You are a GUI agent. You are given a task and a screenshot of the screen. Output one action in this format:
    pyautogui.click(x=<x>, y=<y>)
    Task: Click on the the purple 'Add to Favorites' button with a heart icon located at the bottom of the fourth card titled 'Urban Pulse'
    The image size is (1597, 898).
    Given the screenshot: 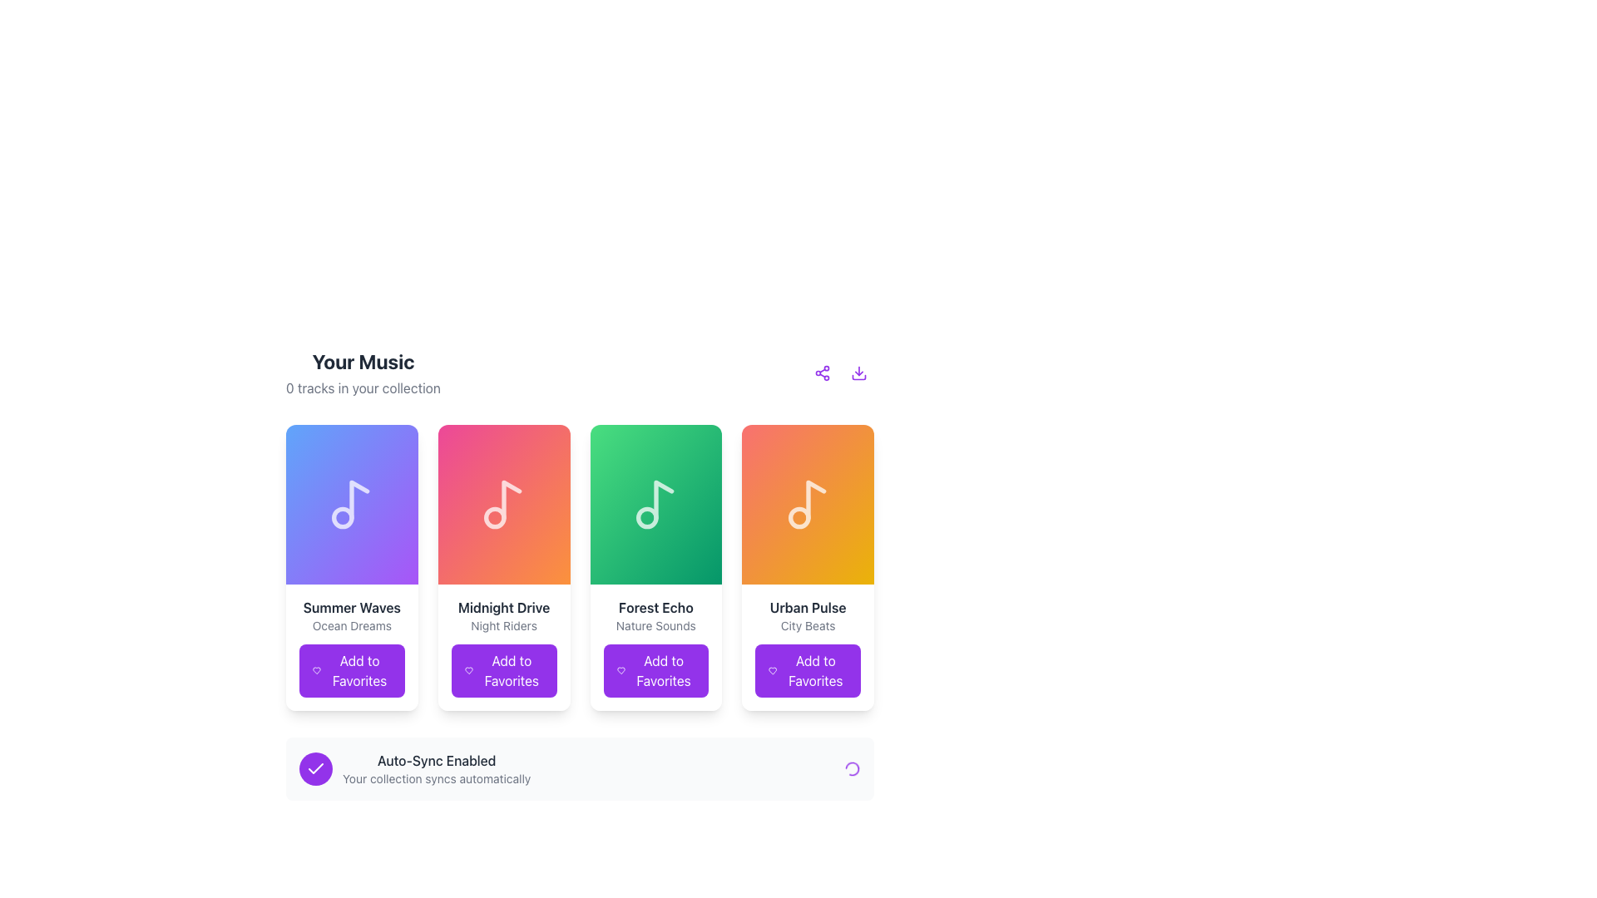 What is the action you would take?
    pyautogui.click(x=808, y=669)
    